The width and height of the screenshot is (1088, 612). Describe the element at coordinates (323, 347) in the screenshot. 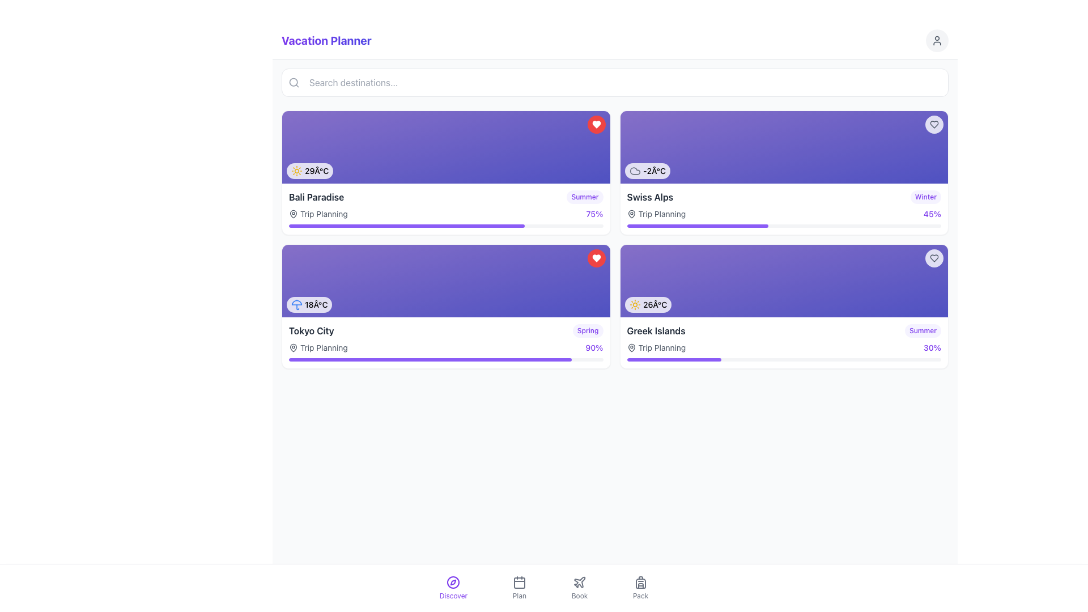

I see `the text label that describes the 'Trip Planning' section related to 'Tokyo City', located at the lower region of the card and adjacent to a location icon` at that location.